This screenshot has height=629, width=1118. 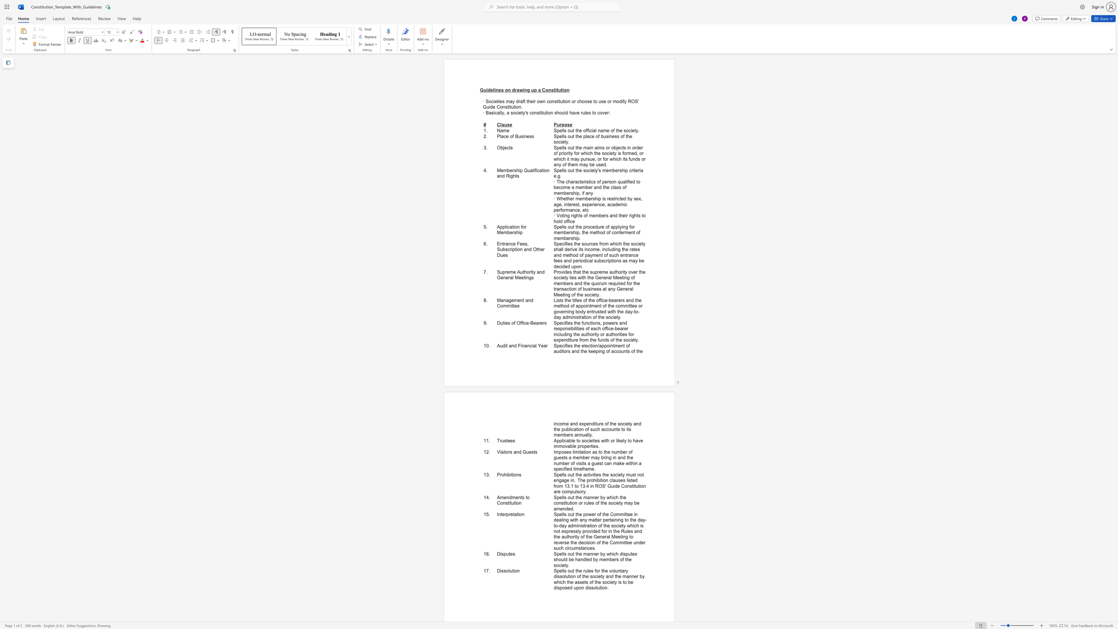 What do you see at coordinates (586, 486) in the screenshot?
I see `the subset text "4 in ROS" within the text "Spells out the activities the society must not engage in.  The prohibition clauses listed from 13.1 to 13.4 in ROS"` at bounding box center [586, 486].